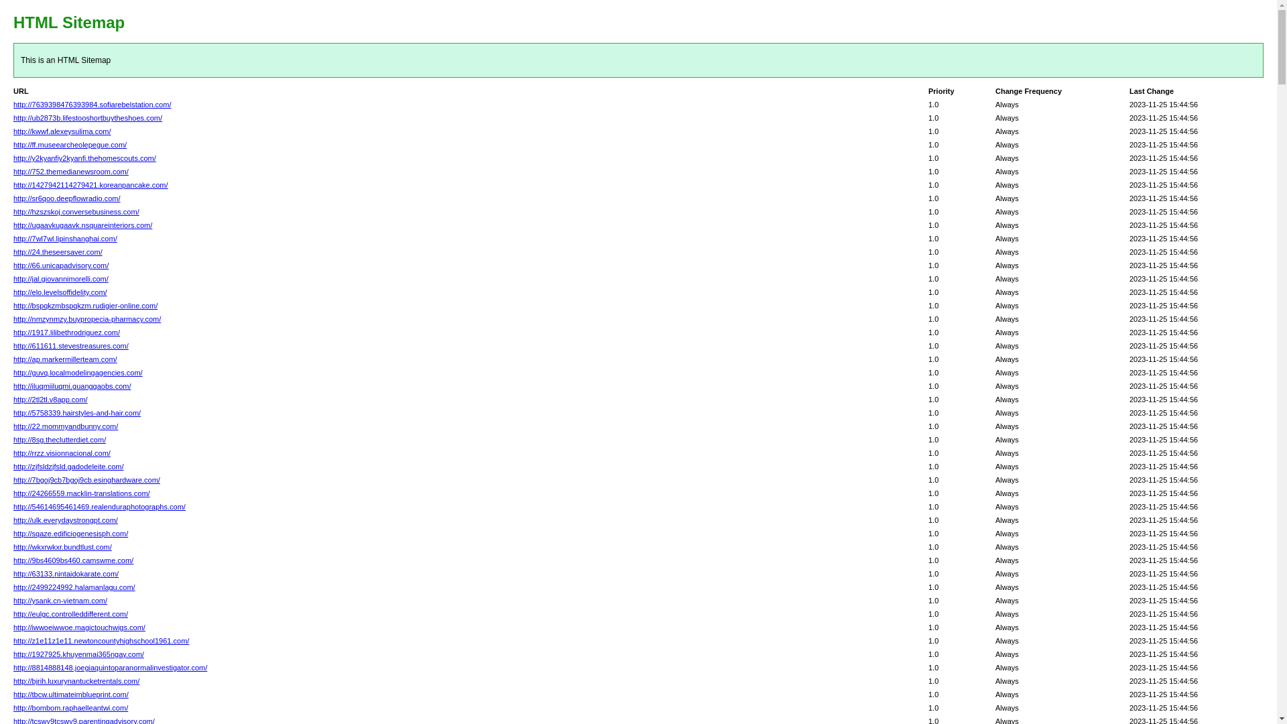 The width and height of the screenshot is (1287, 724). Describe the element at coordinates (60, 599) in the screenshot. I see `'http://ysank.cn-vietnam.com/'` at that location.